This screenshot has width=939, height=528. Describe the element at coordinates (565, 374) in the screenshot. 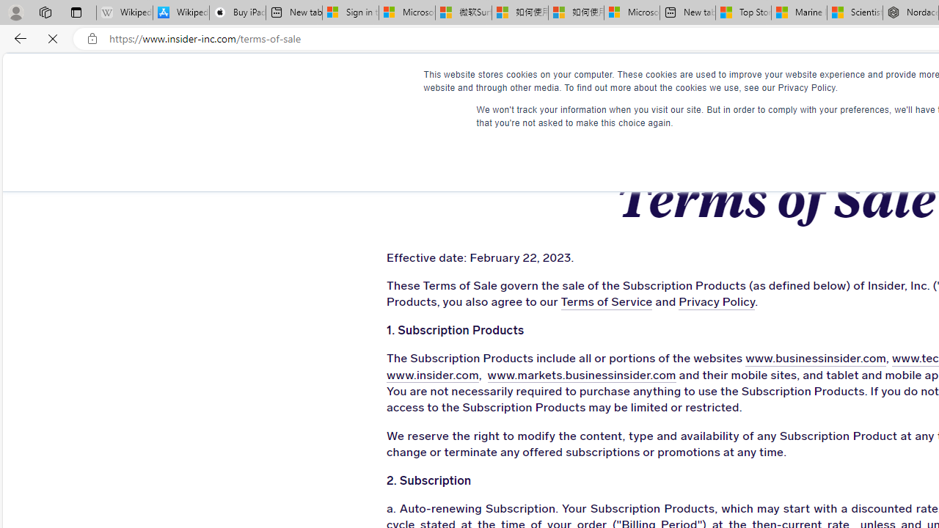

I see `'www.markets.businessinsider.com'` at that location.